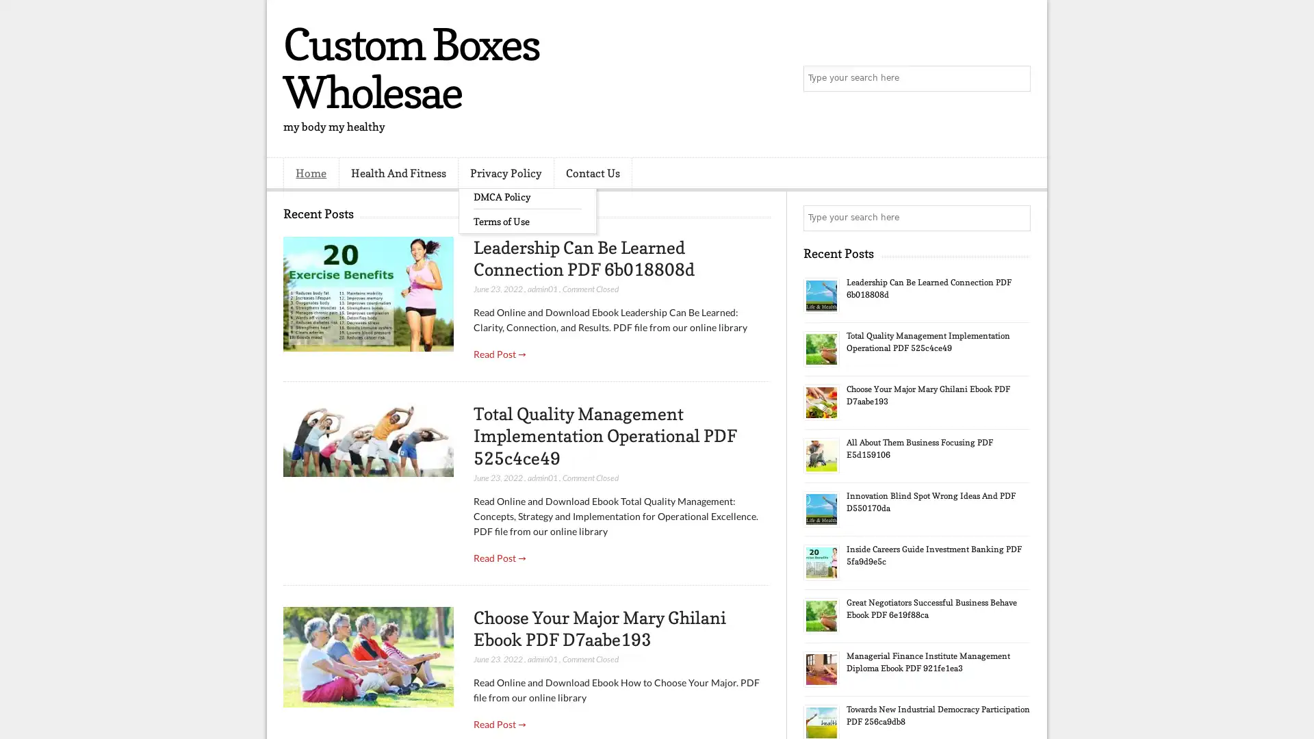 The width and height of the screenshot is (1314, 739). Describe the element at coordinates (1016, 79) in the screenshot. I see `Search` at that location.